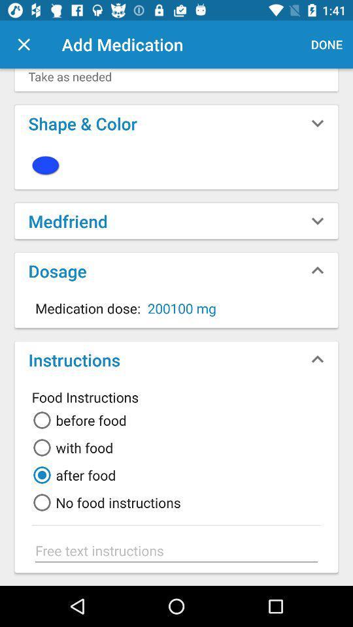  What do you see at coordinates (24, 44) in the screenshot?
I see `close` at bounding box center [24, 44].